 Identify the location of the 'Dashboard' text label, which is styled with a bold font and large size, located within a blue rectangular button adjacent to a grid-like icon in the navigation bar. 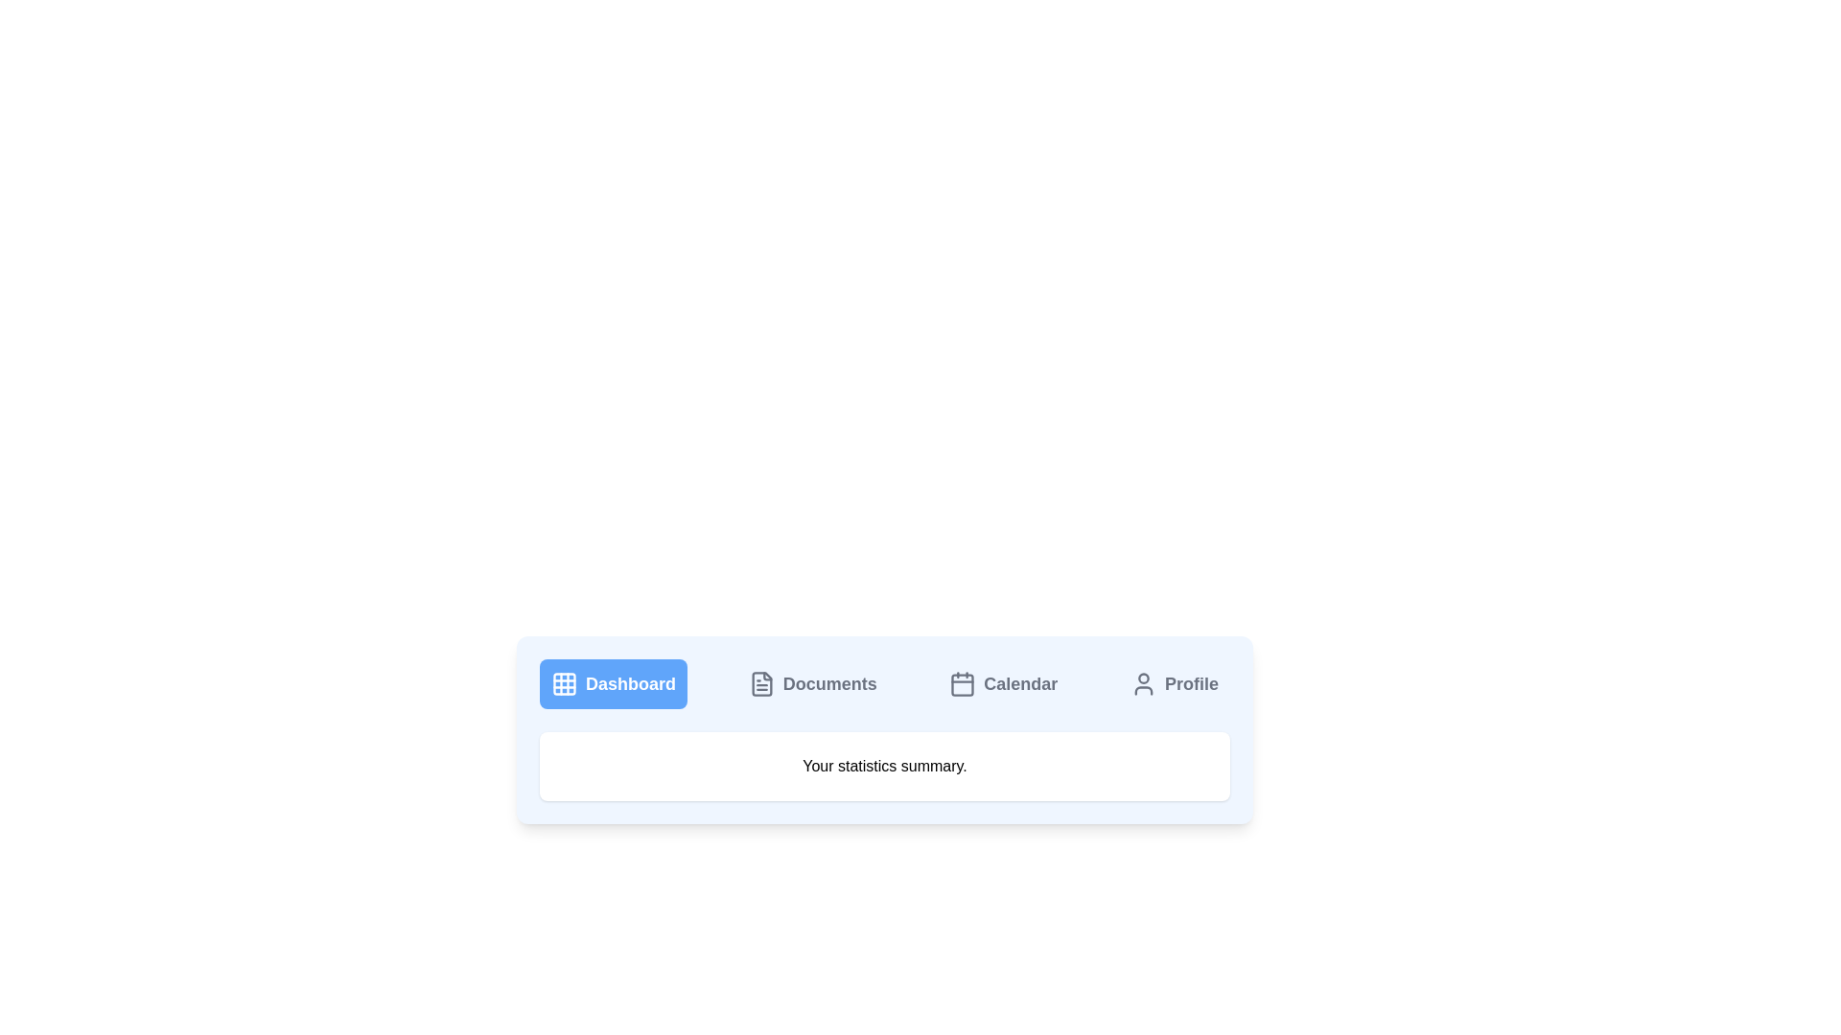
(630, 682).